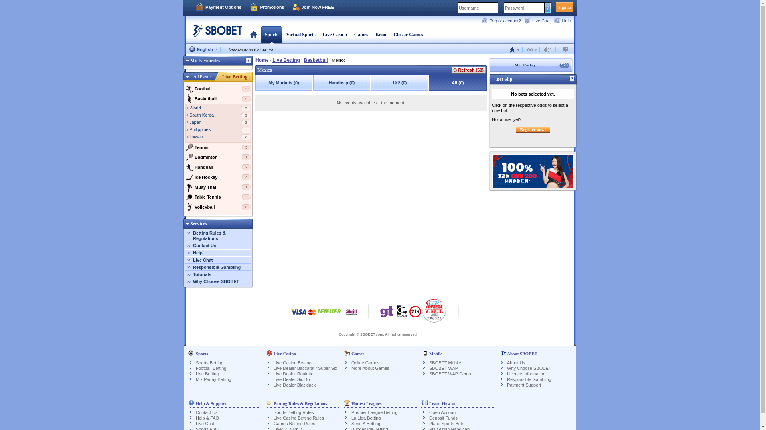 Image resolution: width=766 pixels, height=430 pixels. I want to click on 'Live Dealer Roulette', so click(293, 373).